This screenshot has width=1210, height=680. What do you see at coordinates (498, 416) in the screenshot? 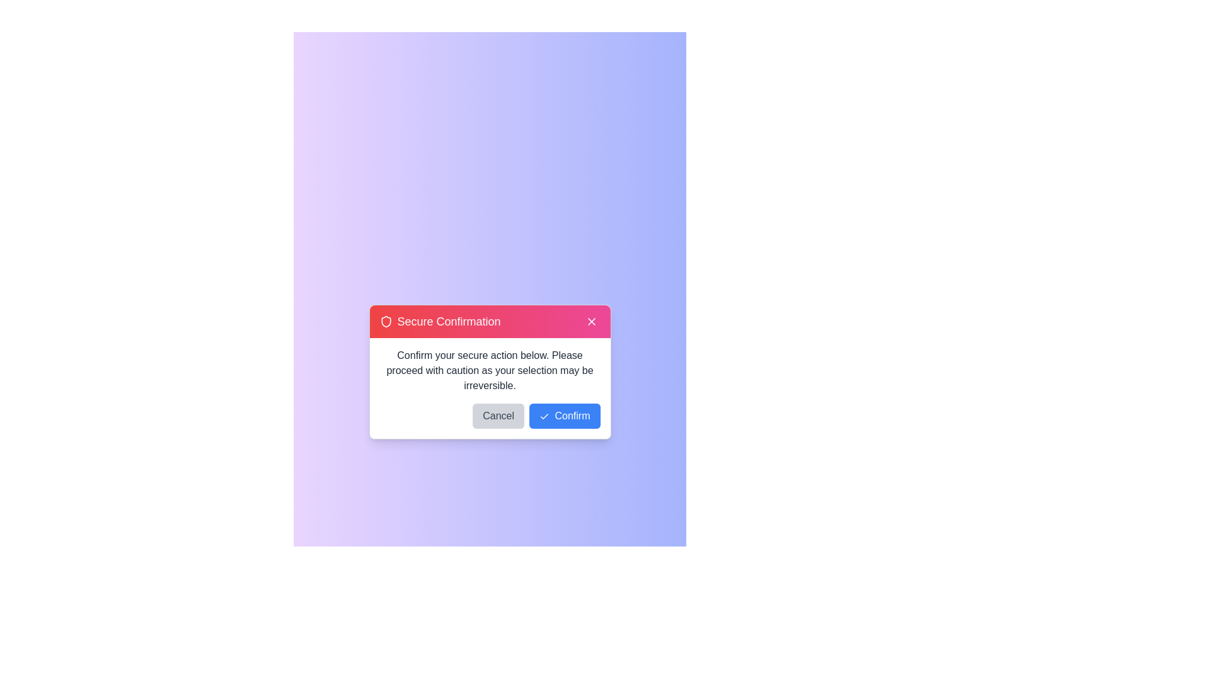
I see `the cancel button located to the left of the blue 'Confirm' button at the bottom-right of the dialog box` at bounding box center [498, 416].